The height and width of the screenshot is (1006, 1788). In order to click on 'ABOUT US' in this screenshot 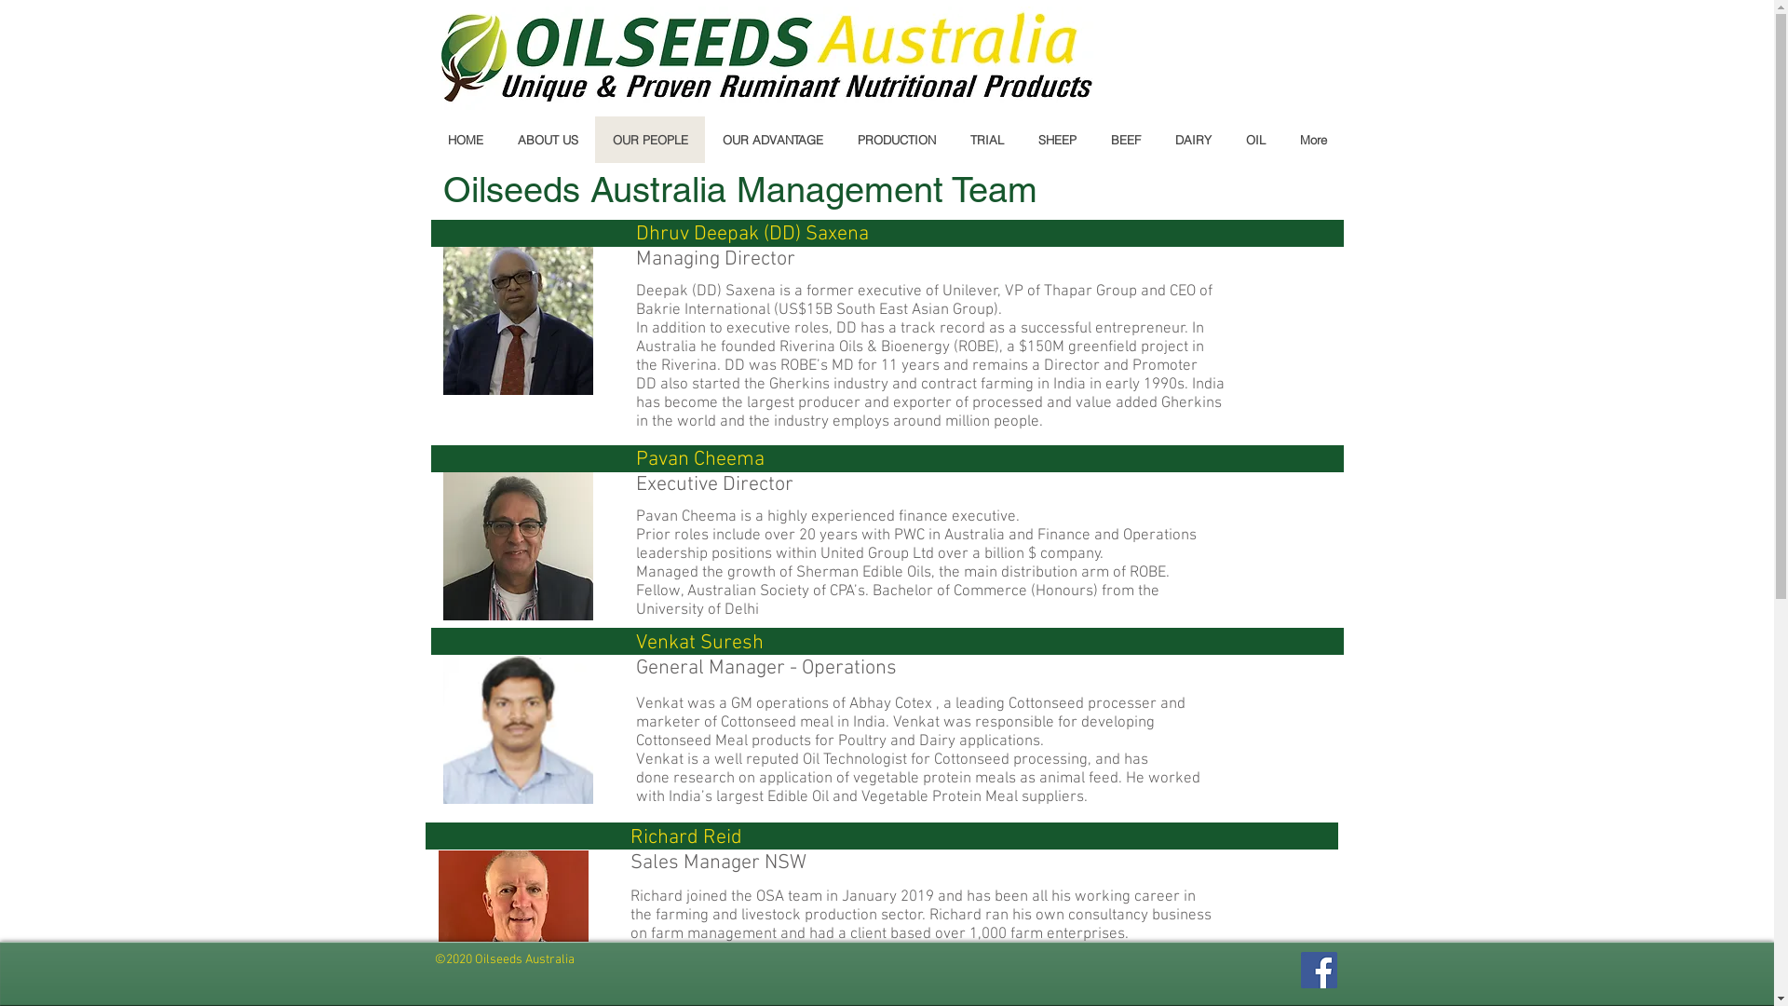, I will do `click(545, 139)`.